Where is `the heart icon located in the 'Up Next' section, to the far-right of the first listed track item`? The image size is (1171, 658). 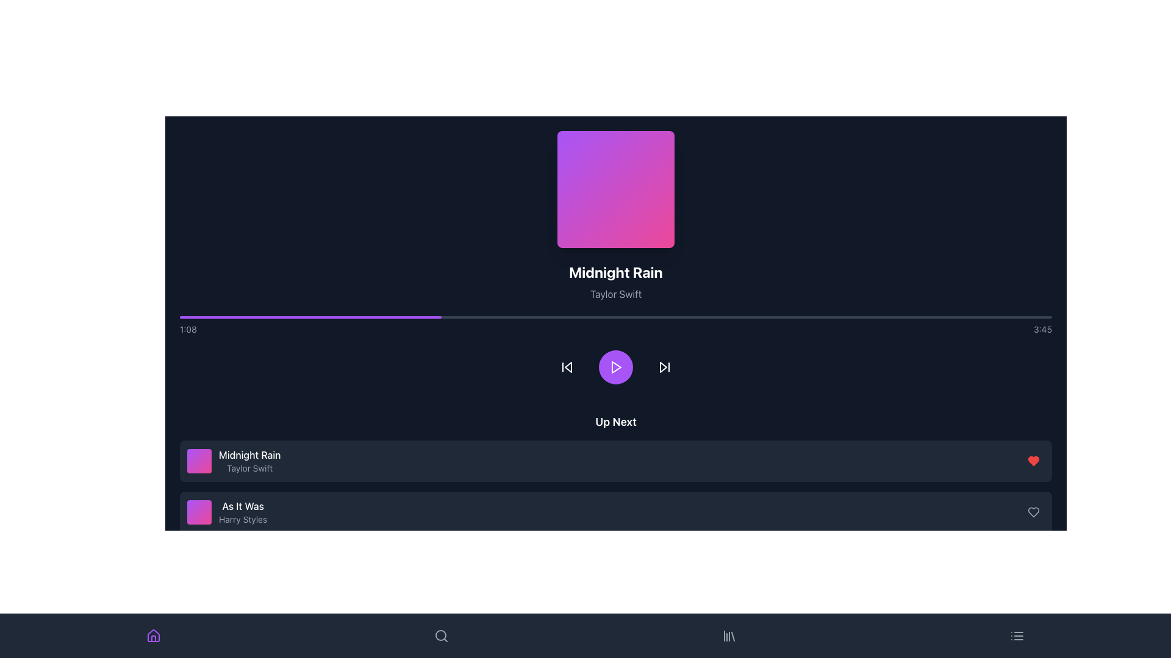
the heart icon located in the 'Up Next' section, to the far-right of the first listed track item is located at coordinates (1033, 461).